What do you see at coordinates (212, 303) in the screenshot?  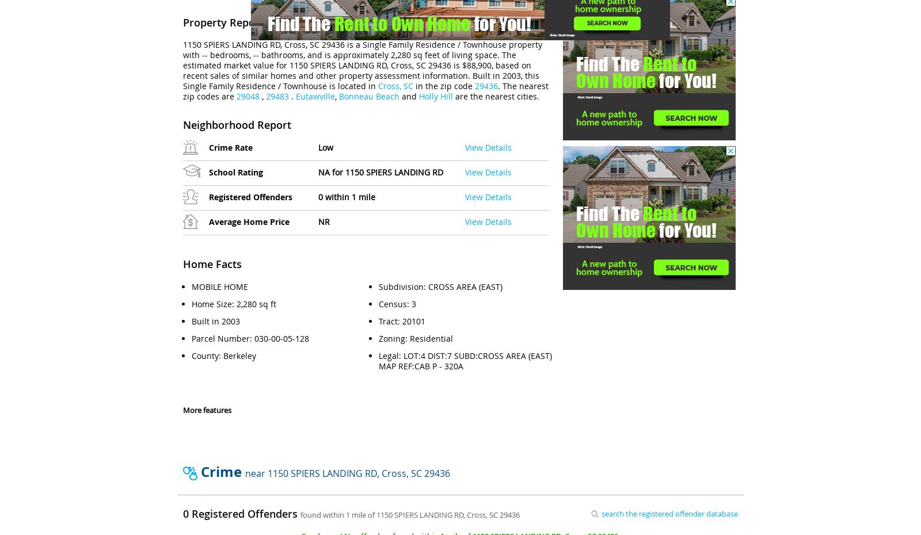 I see `'Home Size'` at bounding box center [212, 303].